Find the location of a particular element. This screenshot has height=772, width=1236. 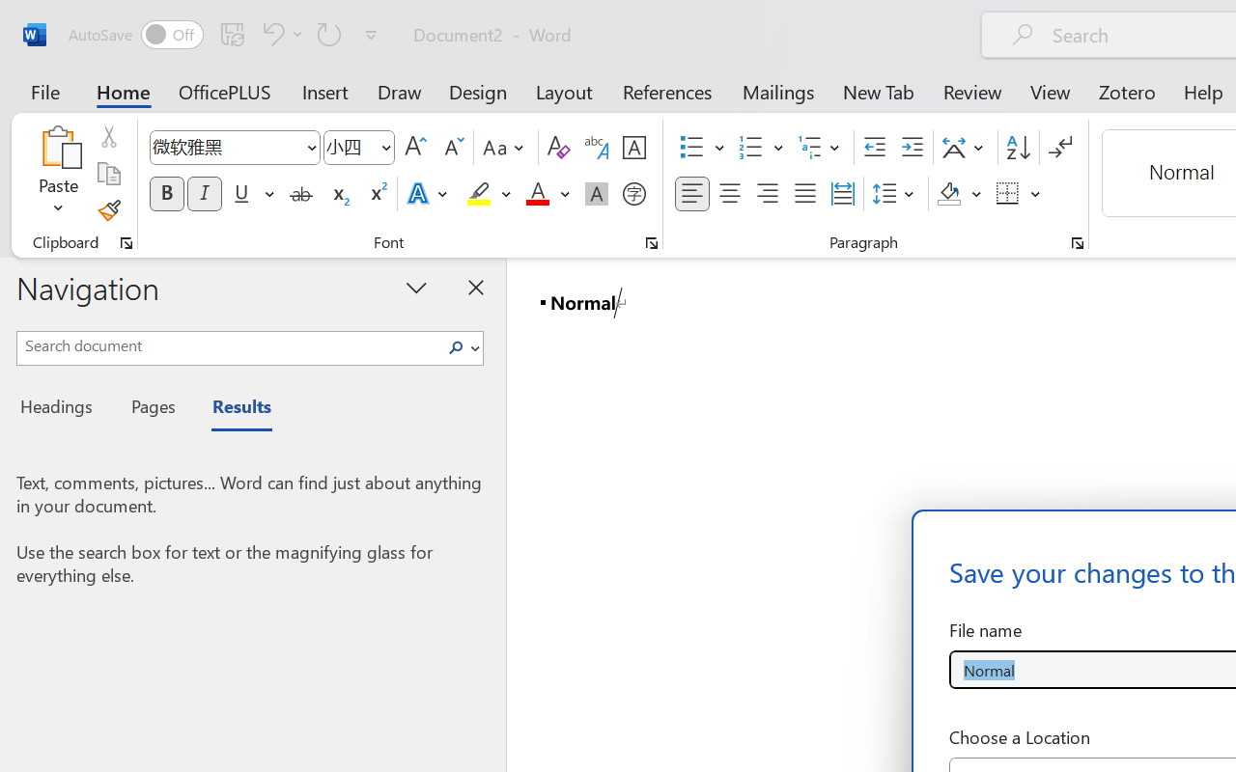

'Format Painter' is located at coordinates (107, 210).